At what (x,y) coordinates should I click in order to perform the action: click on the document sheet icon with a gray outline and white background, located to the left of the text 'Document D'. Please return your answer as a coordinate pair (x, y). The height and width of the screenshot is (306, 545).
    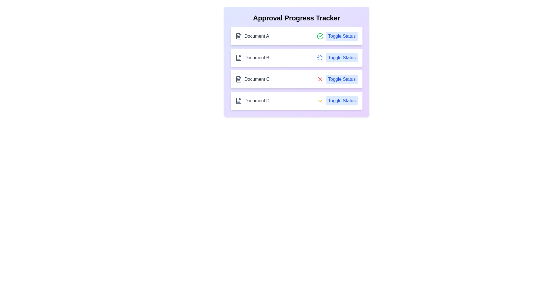
    Looking at the image, I should click on (238, 100).